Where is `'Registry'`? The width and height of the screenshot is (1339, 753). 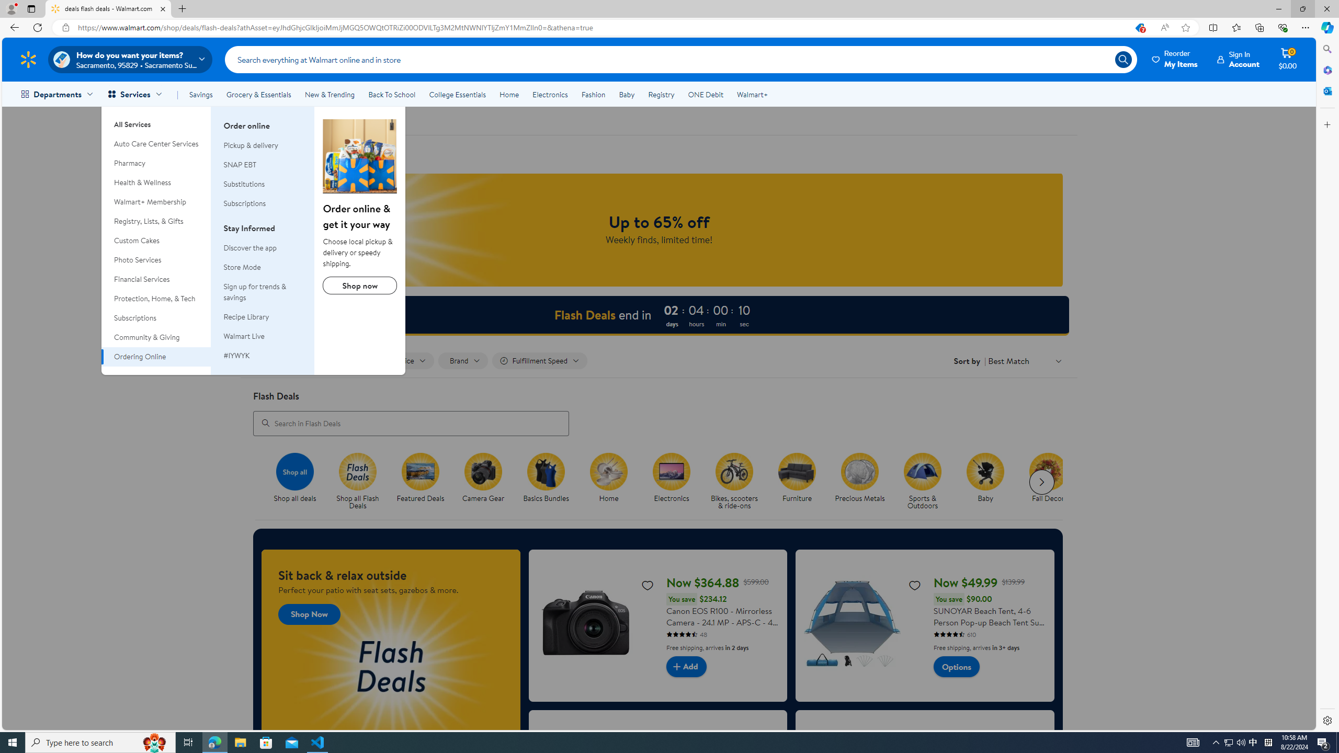
'Registry' is located at coordinates (661, 94).